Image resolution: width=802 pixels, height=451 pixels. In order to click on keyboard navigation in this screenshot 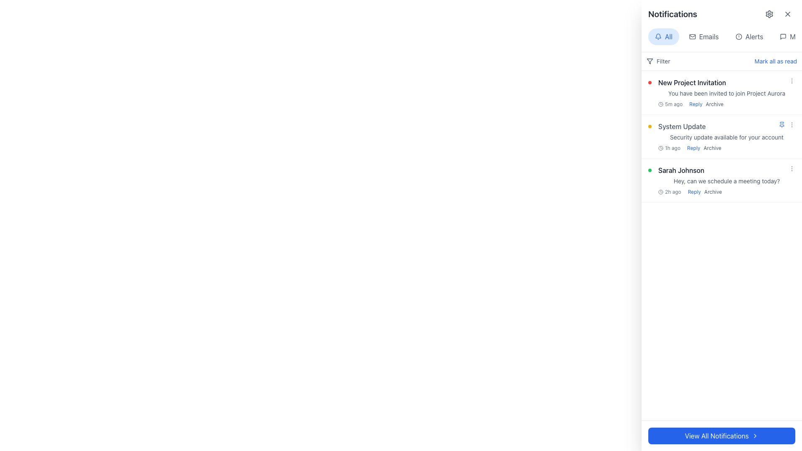, I will do `click(783, 36)`.